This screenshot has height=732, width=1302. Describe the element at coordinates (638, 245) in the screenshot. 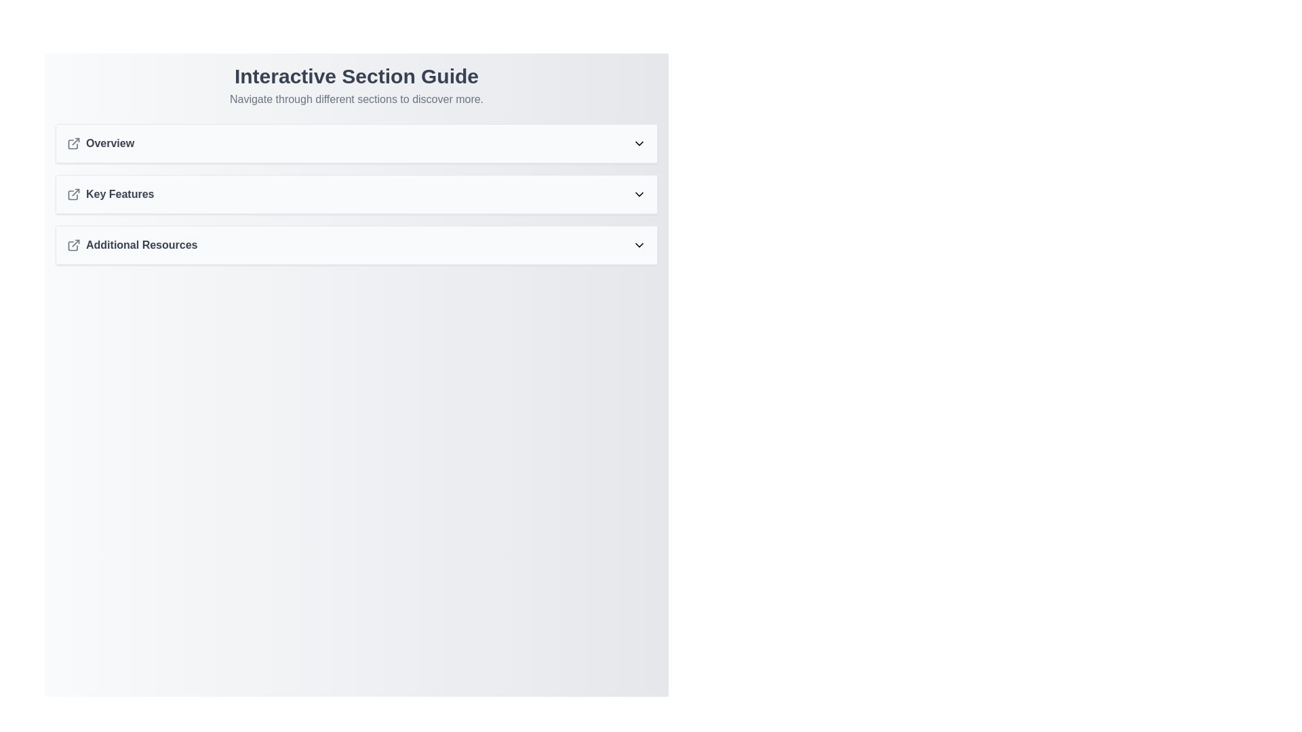

I see `the downward-pointing chevron icon located` at that location.